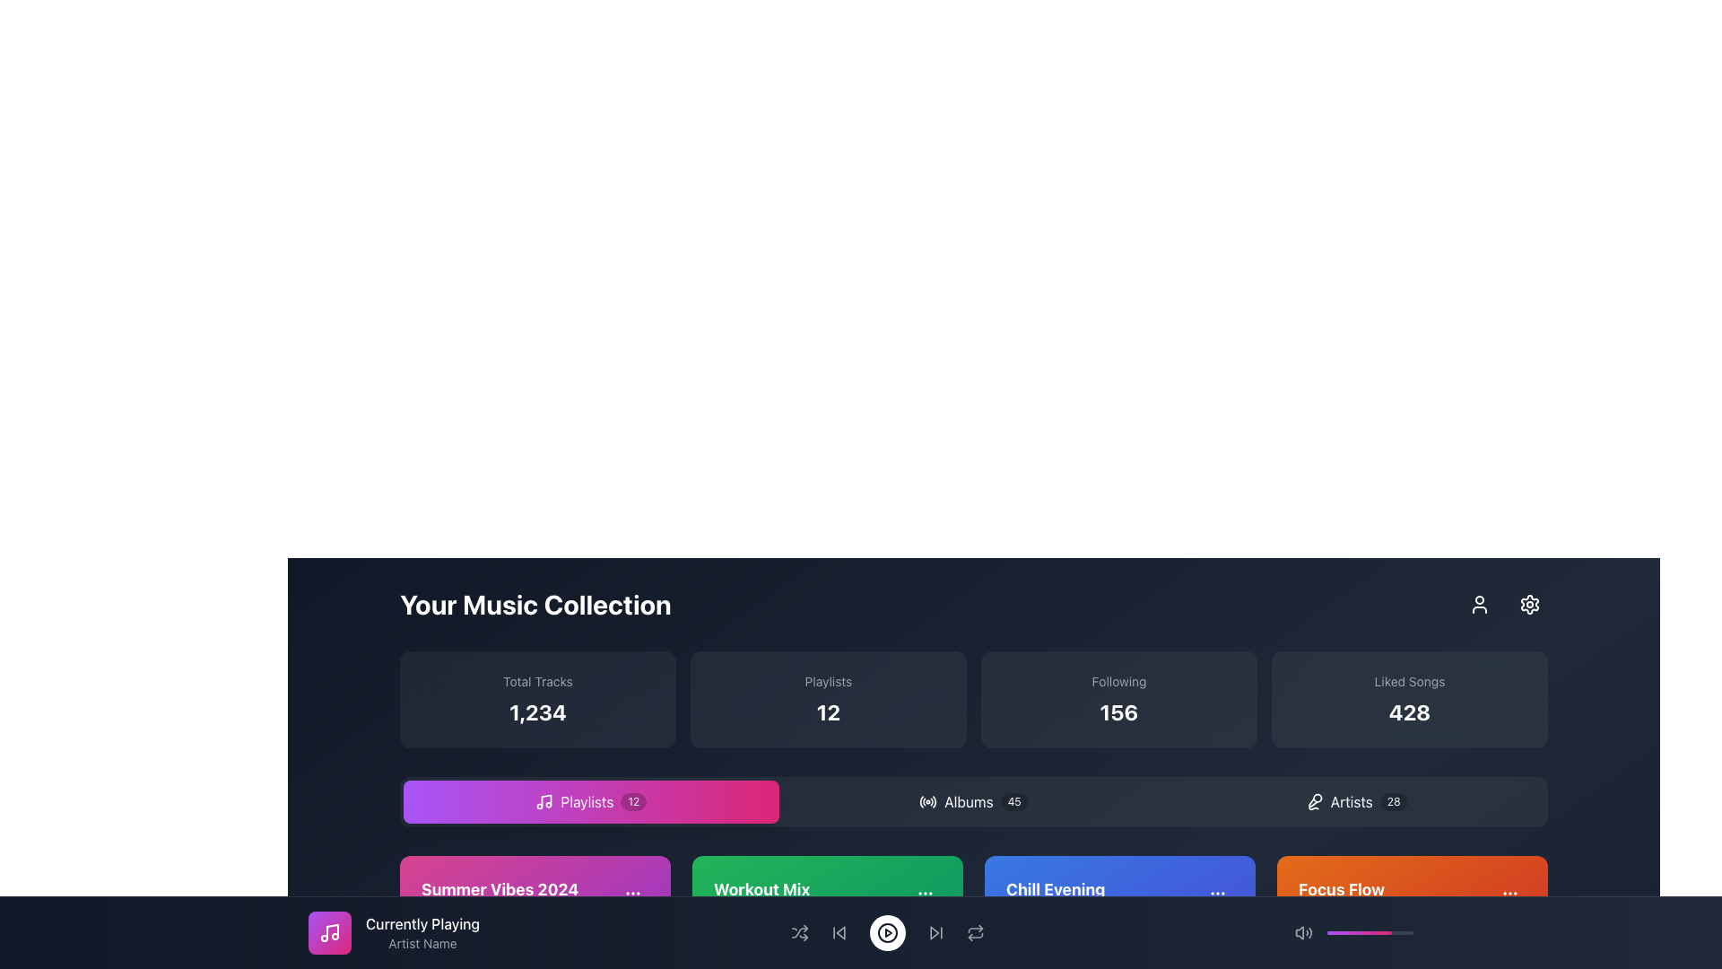 The image size is (1722, 969). Describe the element at coordinates (632, 893) in the screenshot. I see `the Ellipsis menu button located in the bottom-right corner of the 'Summer Vibes 2024' section` at that location.